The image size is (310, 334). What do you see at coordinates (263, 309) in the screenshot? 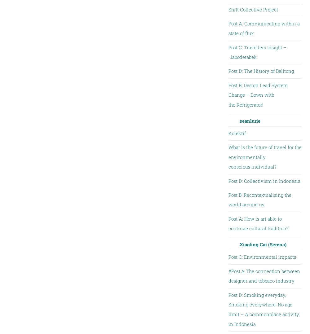
I see `'Post D: Smoking everyday, Smoking everywhere! No age limit – A commonplace activity in Indonesia'` at bounding box center [263, 309].